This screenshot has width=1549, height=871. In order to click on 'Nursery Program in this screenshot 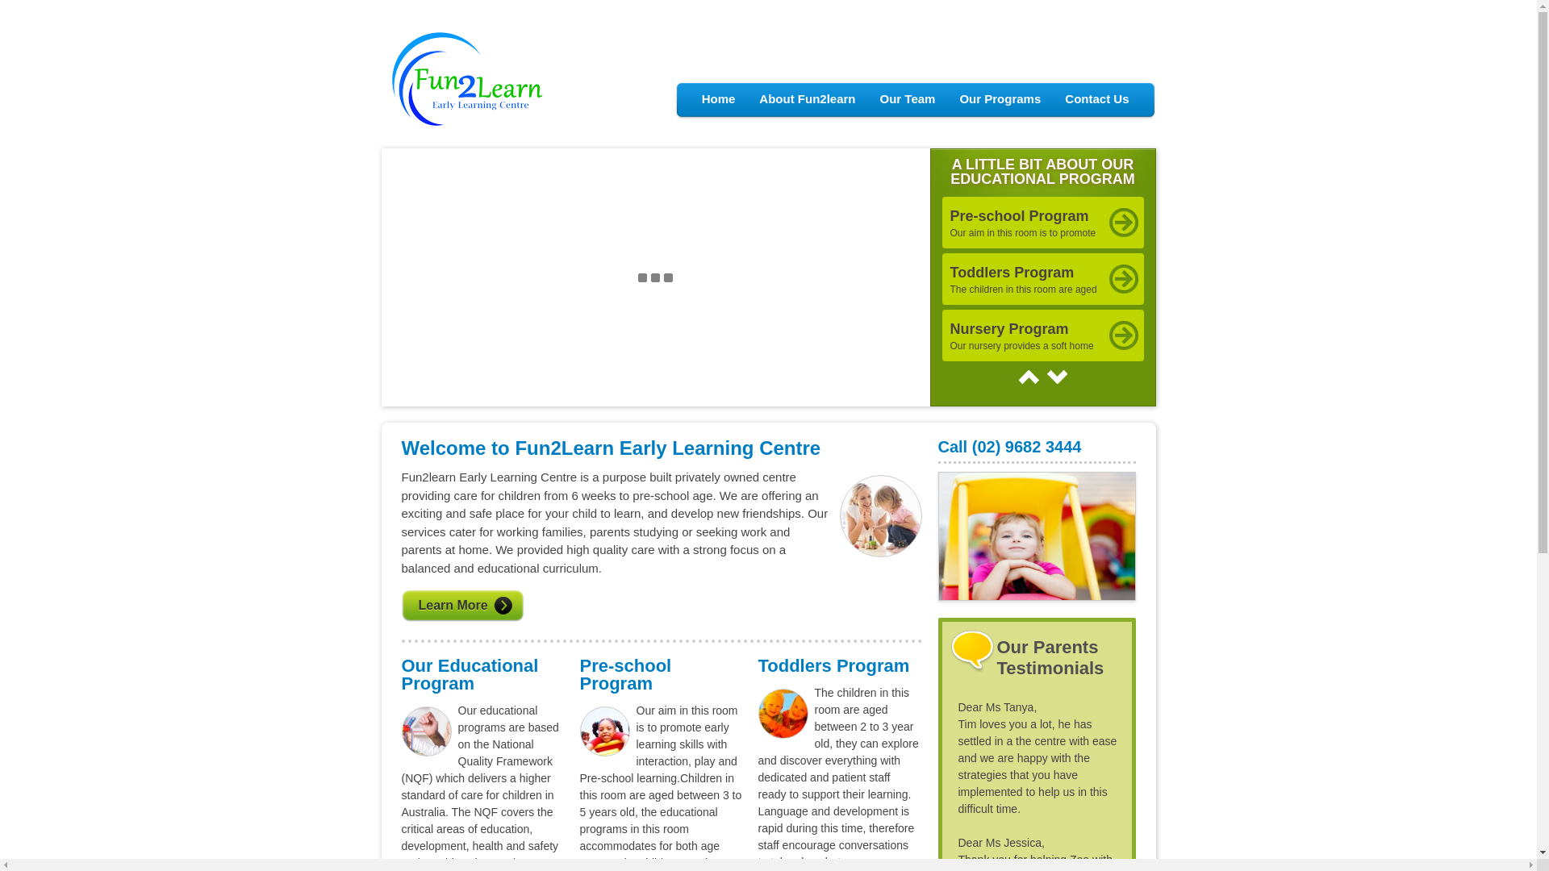, I will do `click(942, 335)`.